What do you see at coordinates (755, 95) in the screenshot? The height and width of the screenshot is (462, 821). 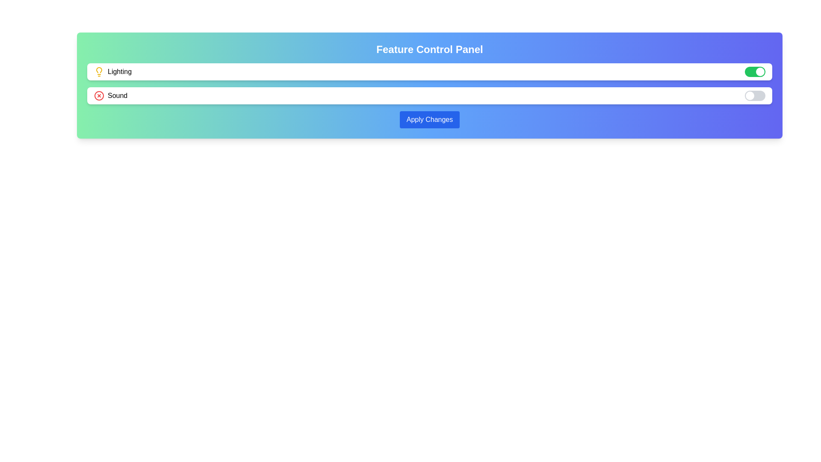 I see `the toggle switch for the 'Sound' feature to change its state between on and off` at bounding box center [755, 95].